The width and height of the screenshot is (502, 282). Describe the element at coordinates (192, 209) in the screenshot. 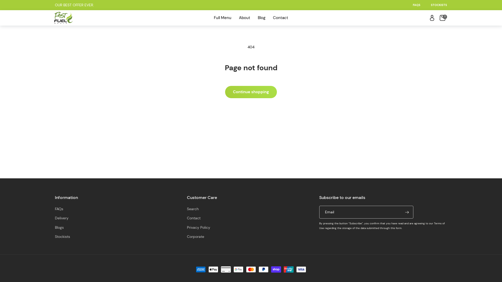

I see `'Search'` at that location.